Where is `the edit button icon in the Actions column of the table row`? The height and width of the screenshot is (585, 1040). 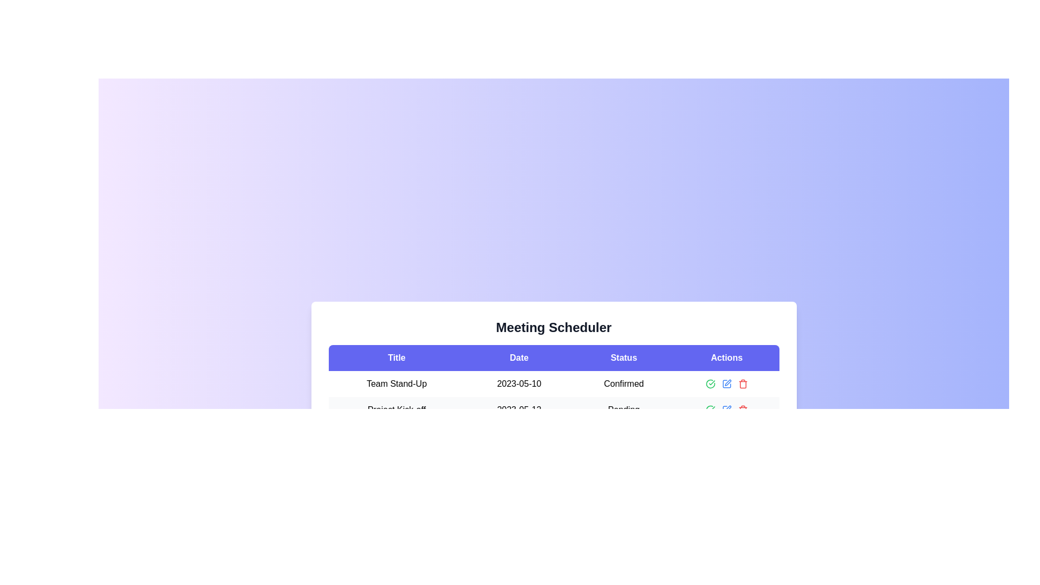 the edit button icon in the Actions column of the table row is located at coordinates (726, 383).